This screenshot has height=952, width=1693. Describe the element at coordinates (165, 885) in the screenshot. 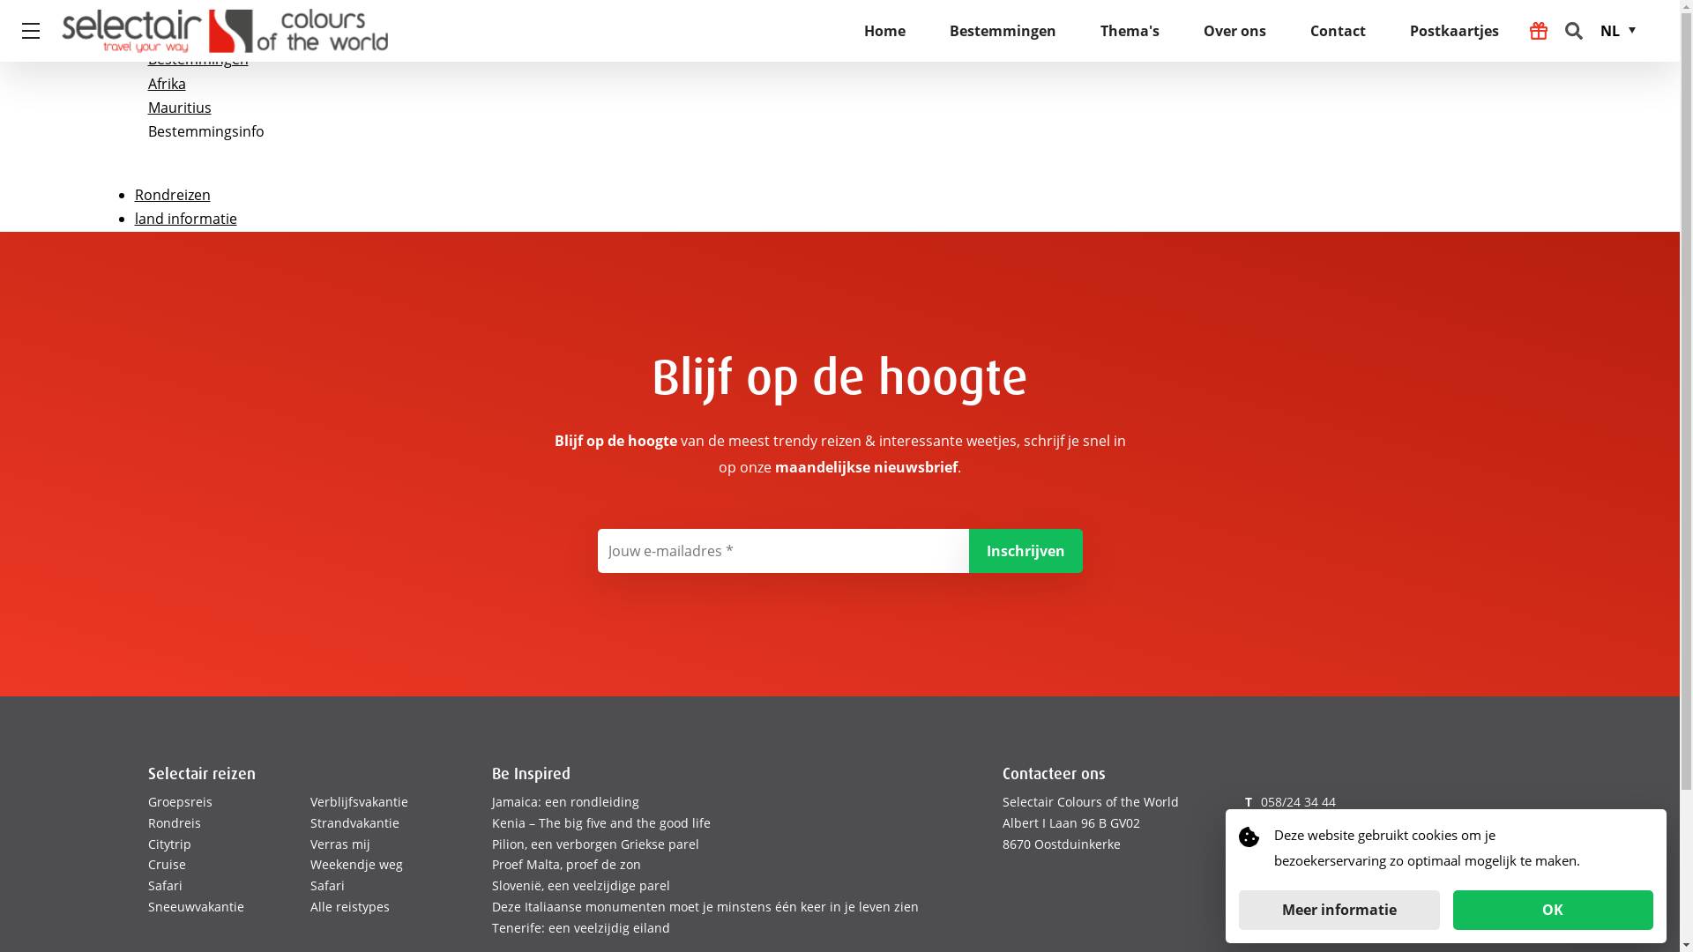

I see `'Safari'` at that location.